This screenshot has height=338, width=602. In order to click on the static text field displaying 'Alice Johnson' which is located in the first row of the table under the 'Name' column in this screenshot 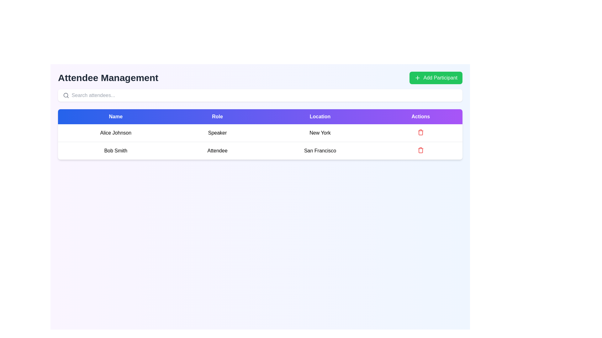, I will do `click(116, 133)`.